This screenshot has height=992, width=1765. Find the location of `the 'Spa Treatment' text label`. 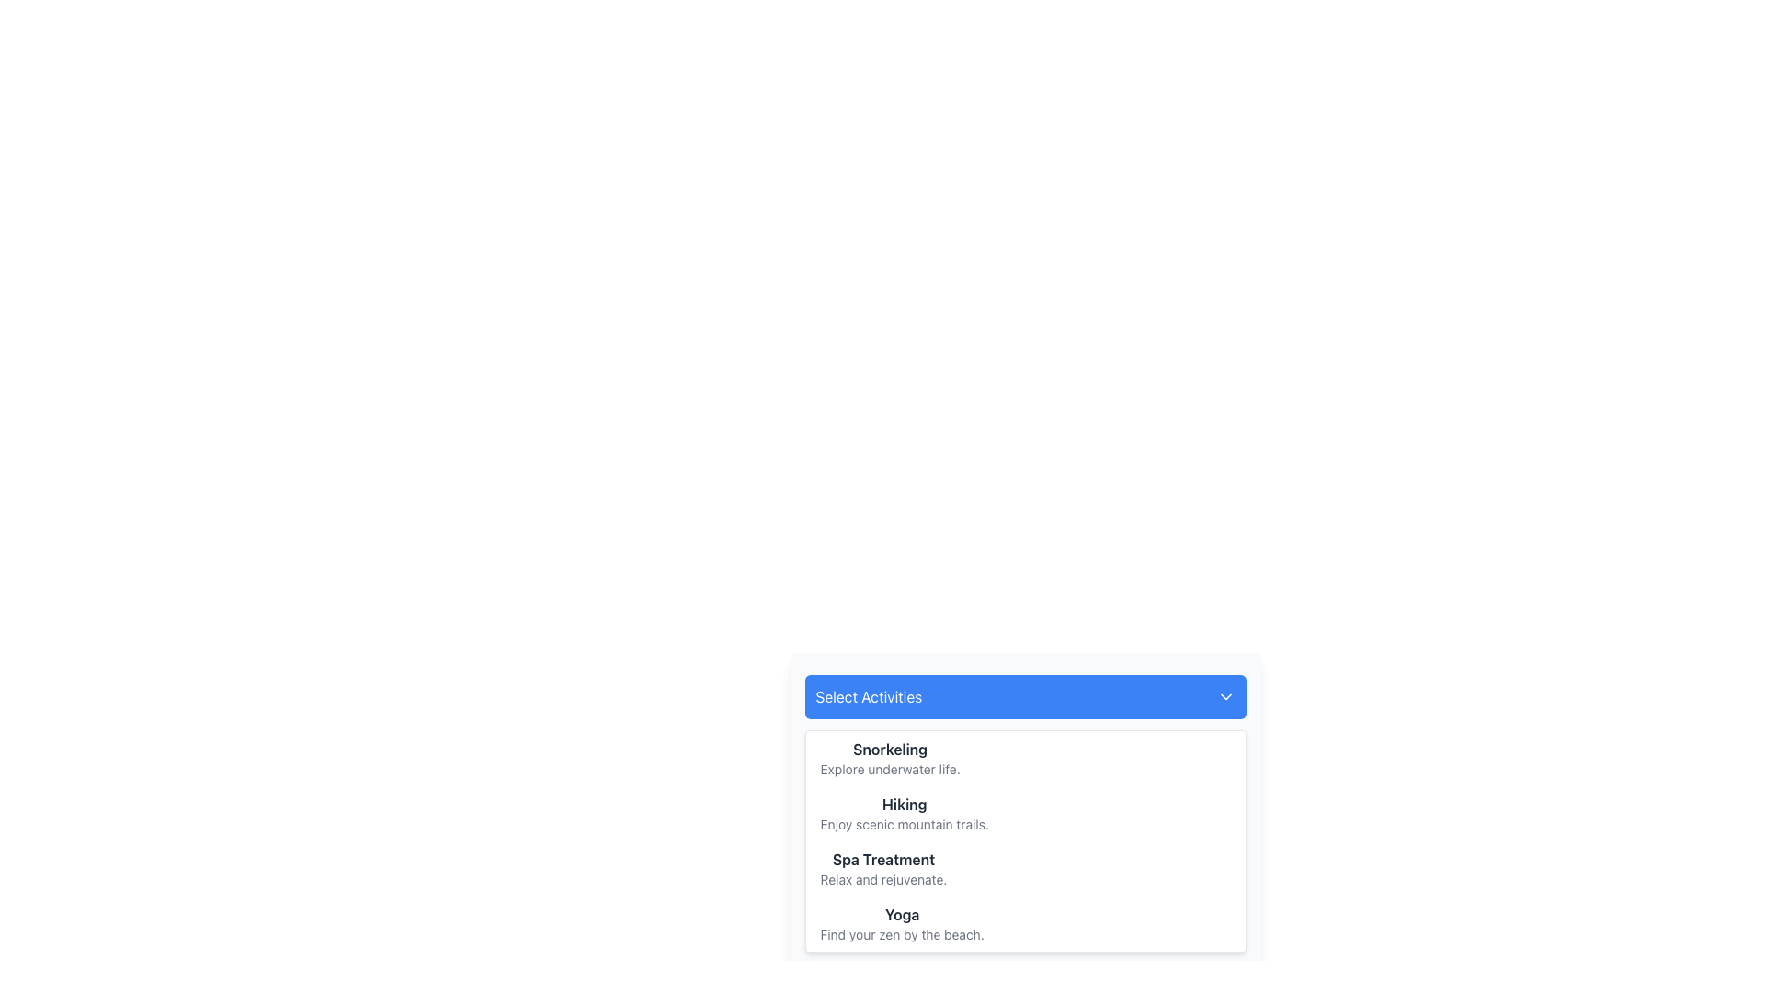

the 'Spa Treatment' text label is located at coordinates (883, 860).